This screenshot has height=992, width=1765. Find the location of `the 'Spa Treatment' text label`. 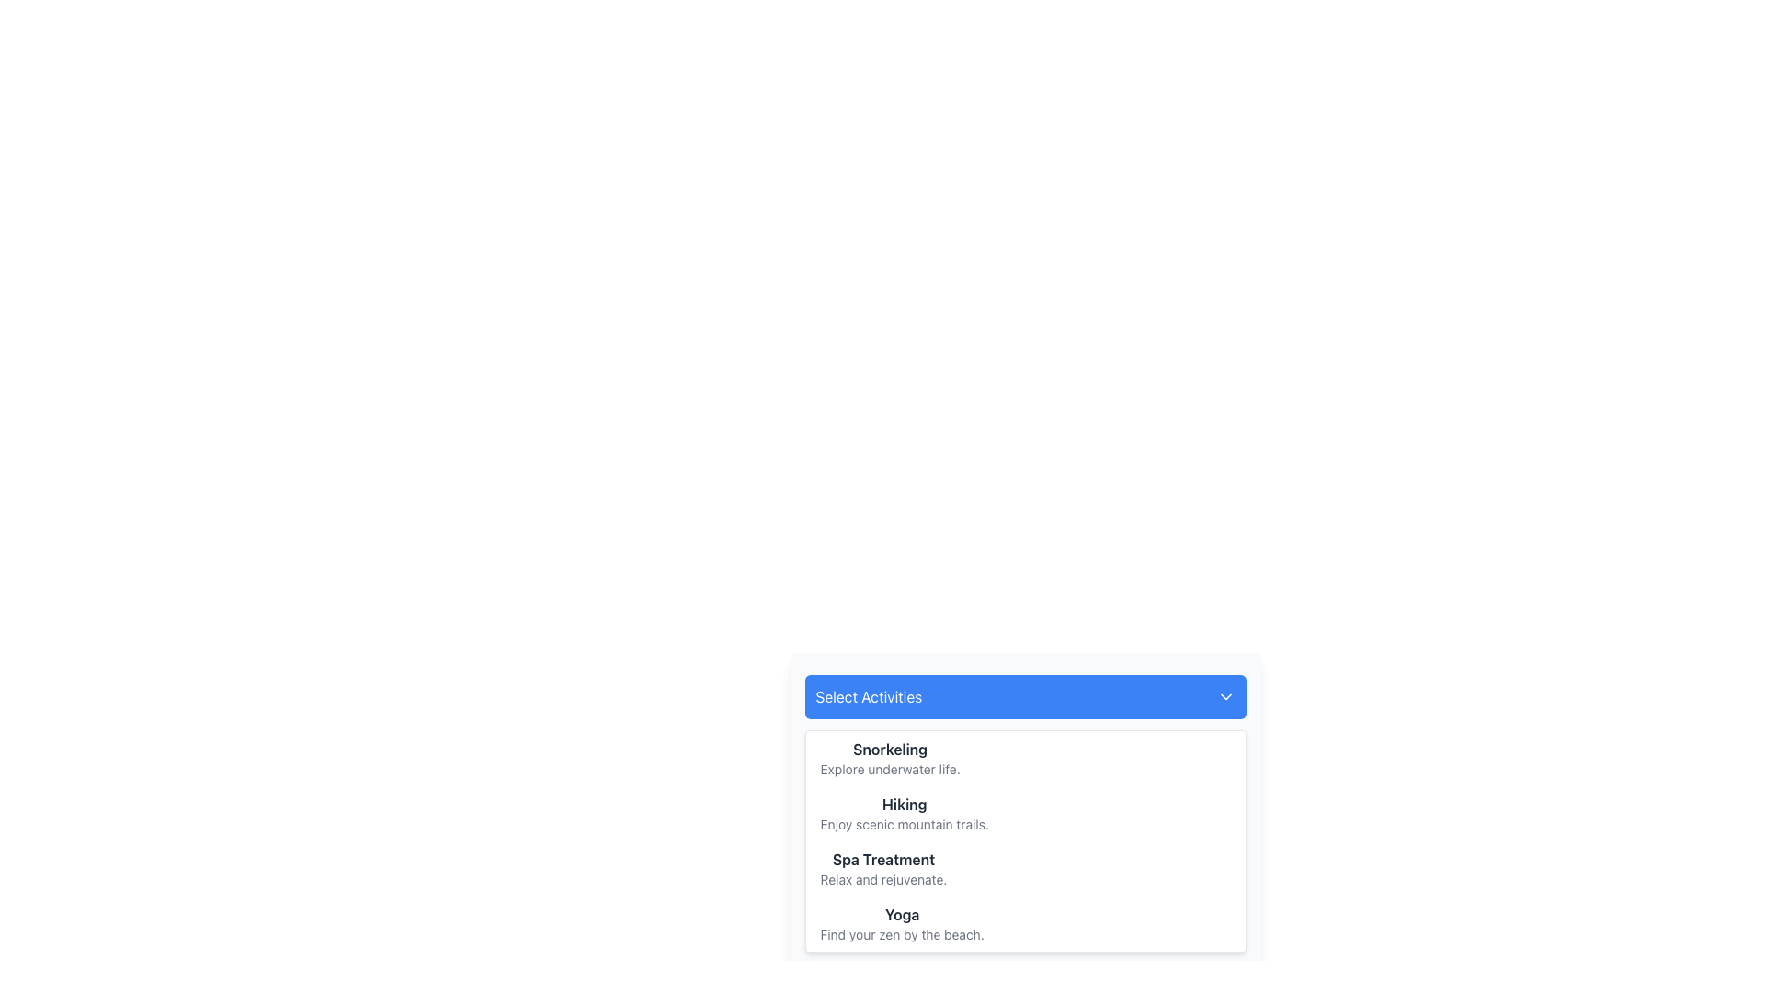

the 'Spa Treatment' text label is located at coordinates (883, 860).